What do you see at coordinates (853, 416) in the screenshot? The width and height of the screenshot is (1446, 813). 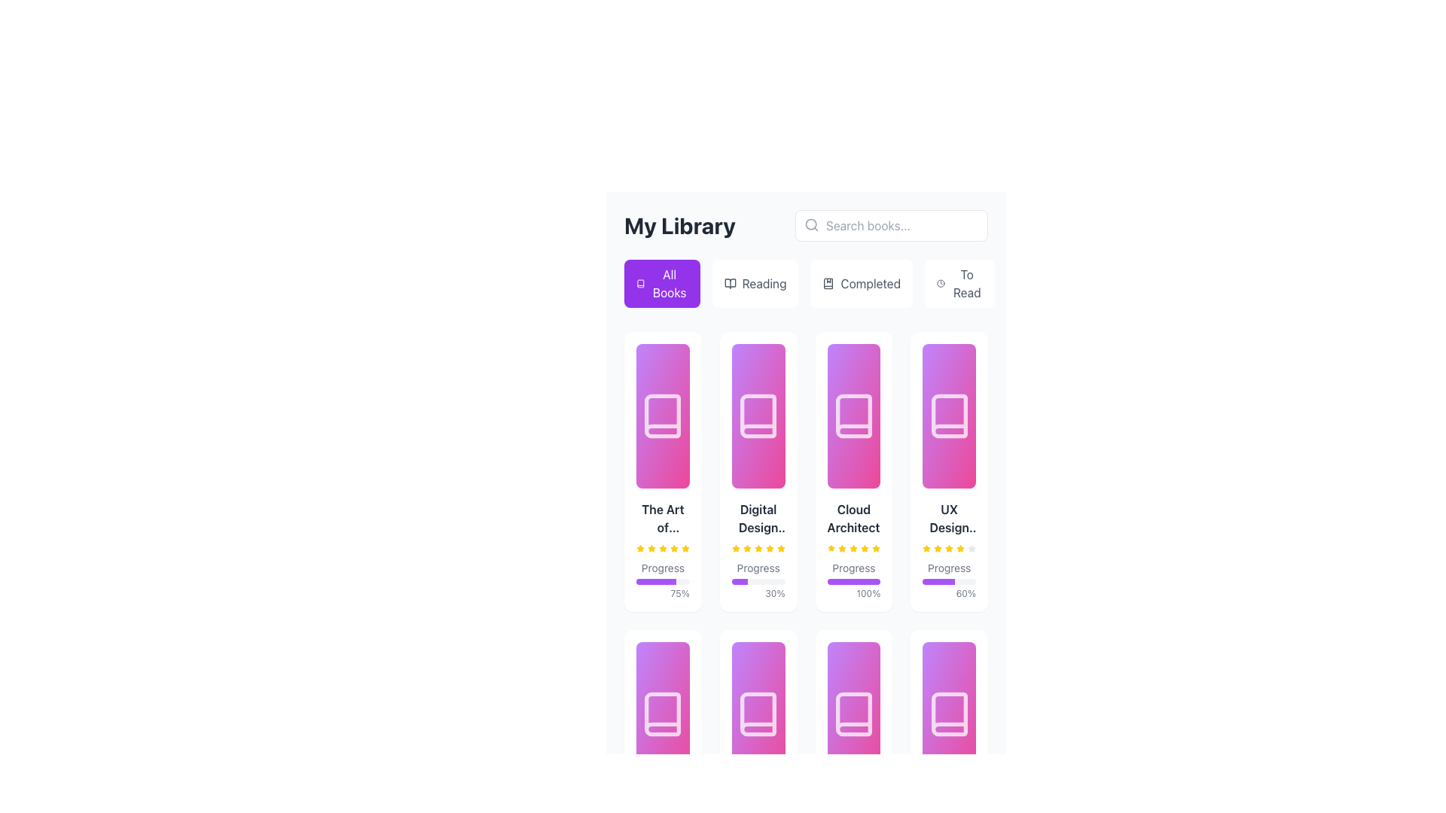 I see `the book icon located in the 'My Library' section, which features a white semi-transparent design resembling a book with a rounded rectangular outline` at bounding box center [853, 416].